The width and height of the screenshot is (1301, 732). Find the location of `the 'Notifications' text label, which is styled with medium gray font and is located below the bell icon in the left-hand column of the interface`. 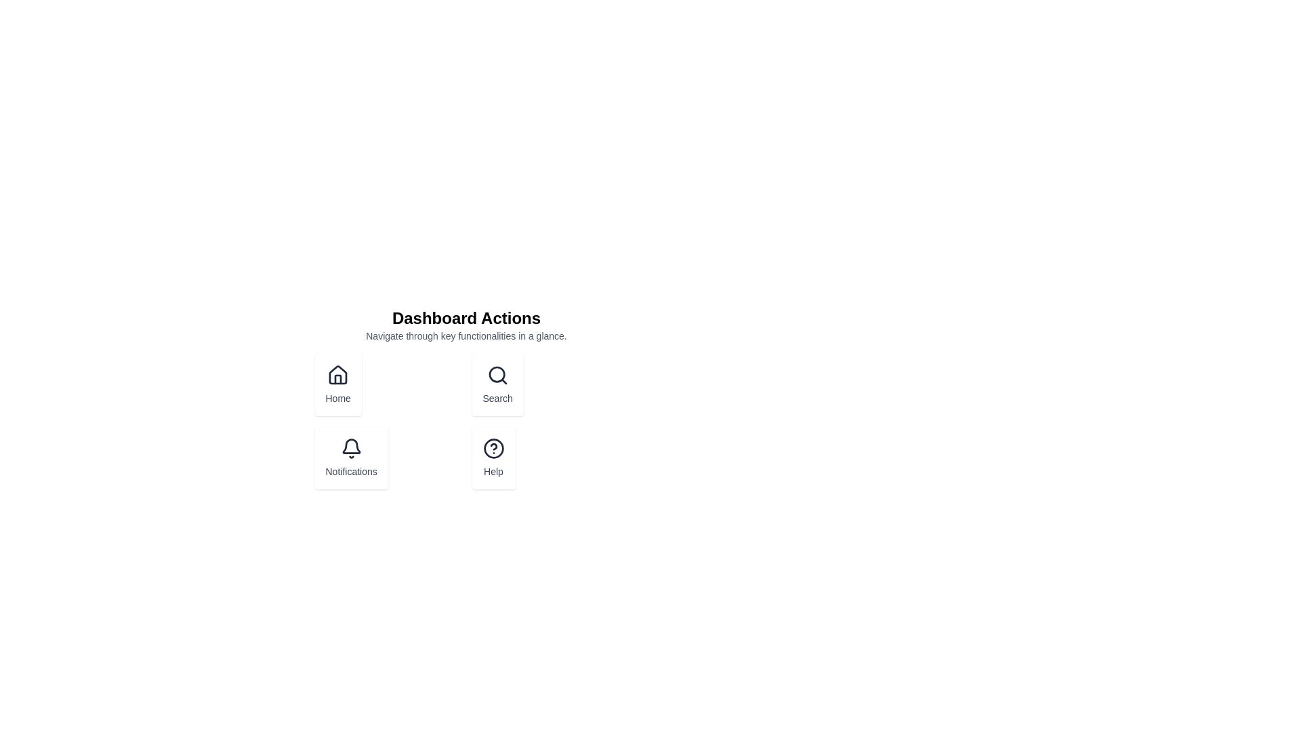

the 'Notifications' text label, which is styled with medium gray font and is located below the bell icon in the left-hand column of the interface is located at coordinates (351, 470).